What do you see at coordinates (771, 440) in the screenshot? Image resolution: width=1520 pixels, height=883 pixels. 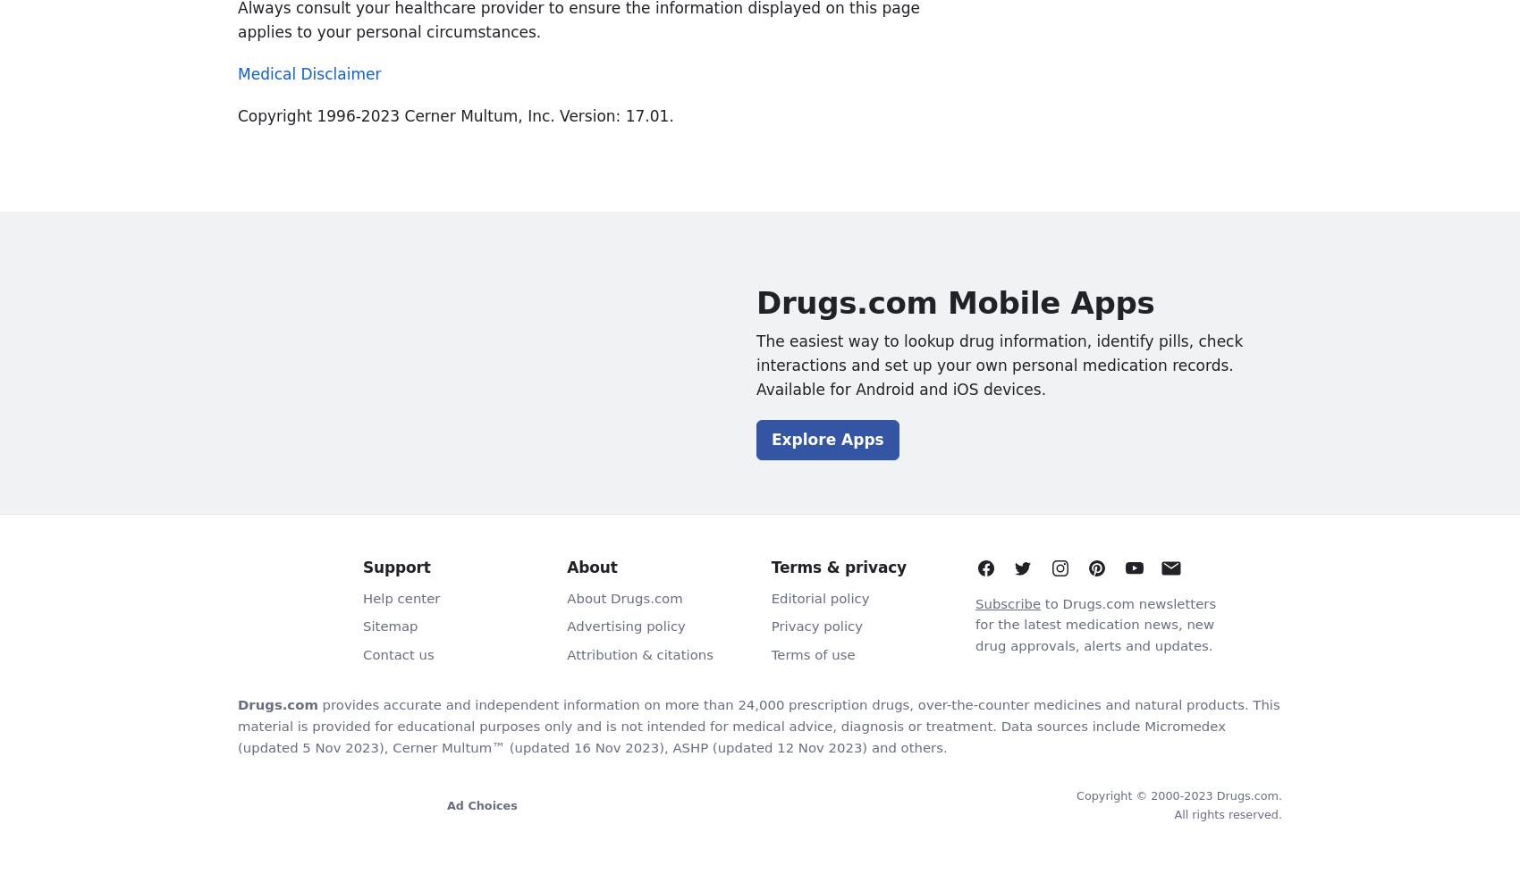 I see `'Explore Apps'` at bounding box center [771, 440].